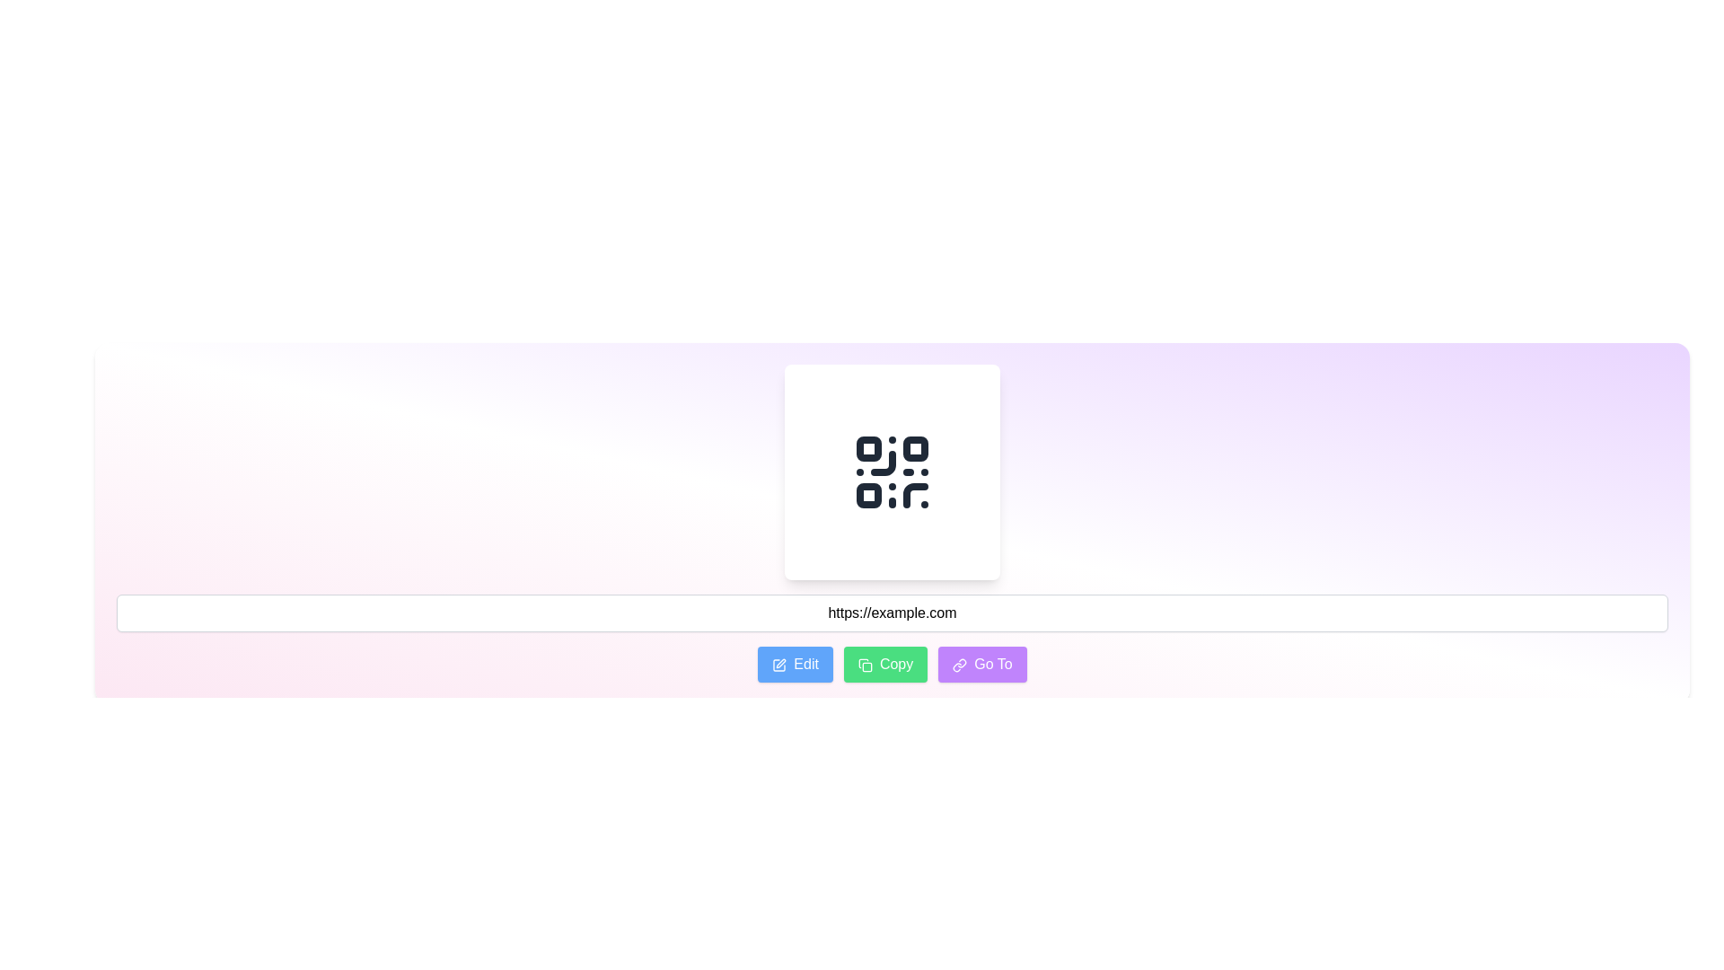  I want to click on the QR code graphical element, which is centrally aligned within a white square card with rounded corners, so click(892, 471).